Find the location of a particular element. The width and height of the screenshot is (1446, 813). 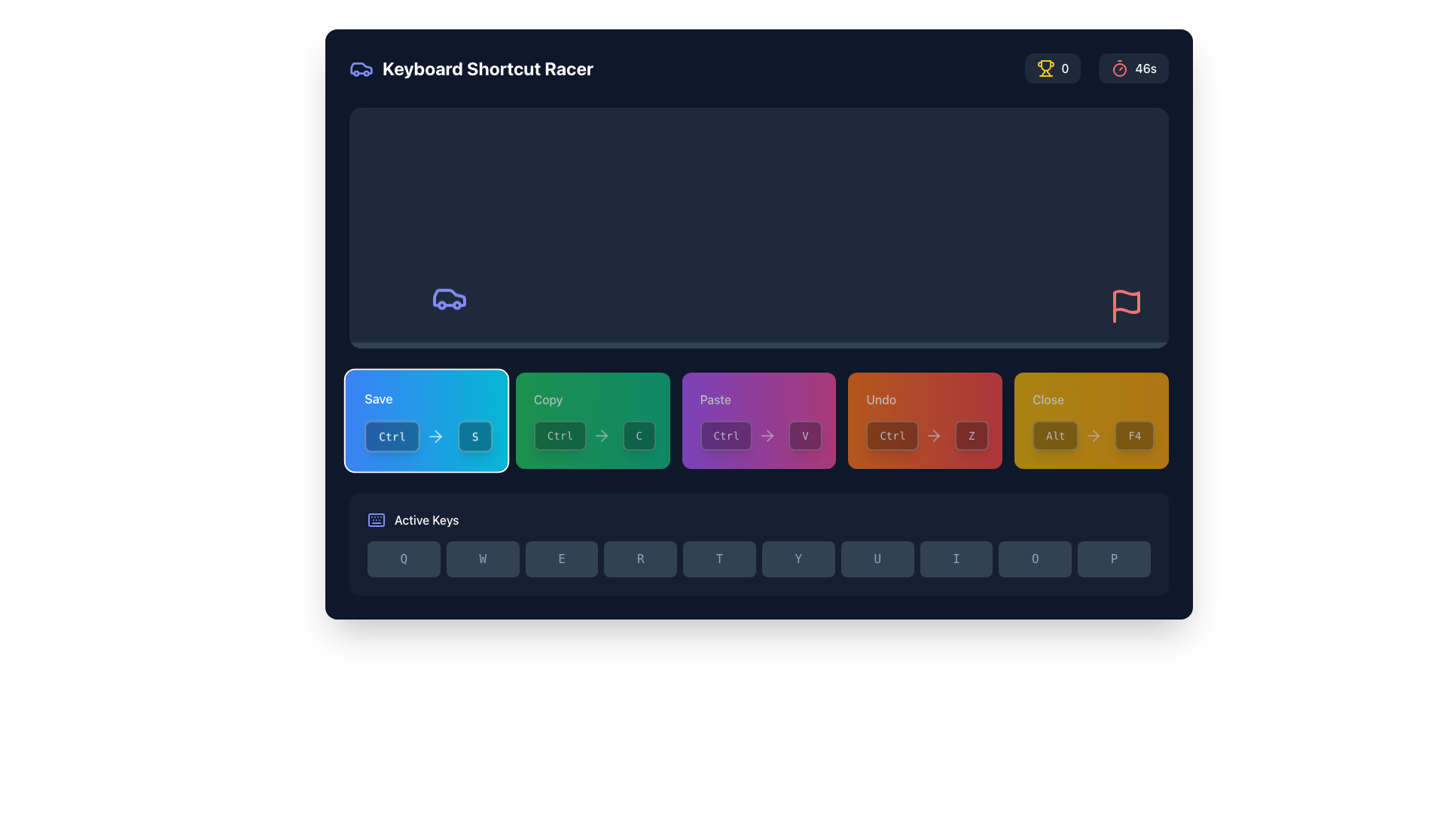

text of the 'Ctrl' key label, which is styled to look like a key and is located in the second card of the horizontal toolbar for the 'Copy' shortcut section, positioned to the left of the arrow icon is located at coordinates (559, 435).